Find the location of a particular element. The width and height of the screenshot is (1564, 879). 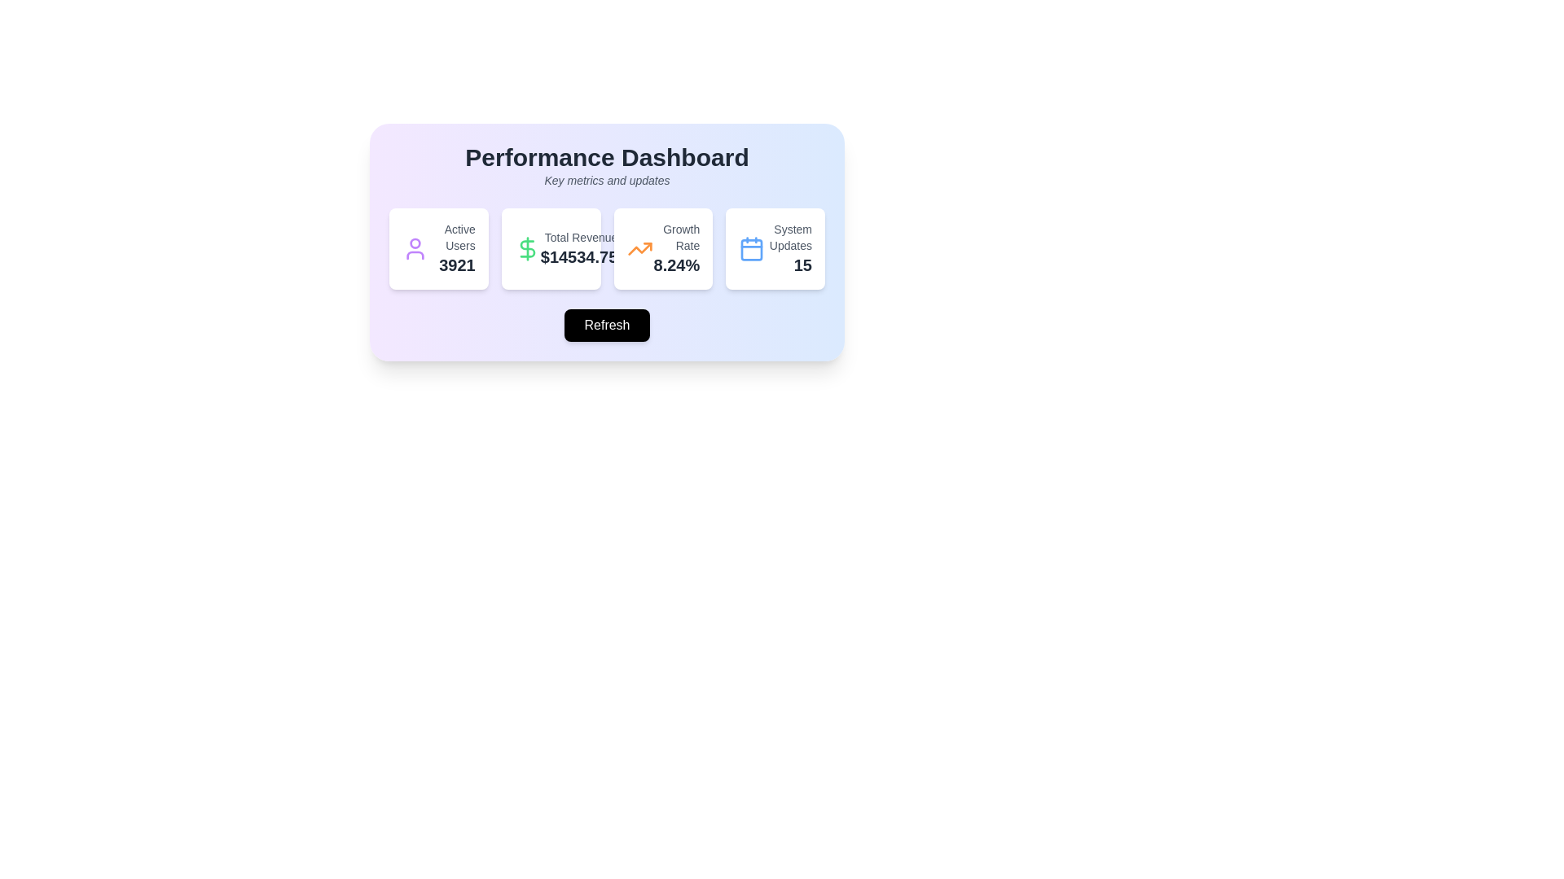

the information displayed on the first informational card component that shows the count of active users in the operational dashboard is located at coordinates (438, 248).